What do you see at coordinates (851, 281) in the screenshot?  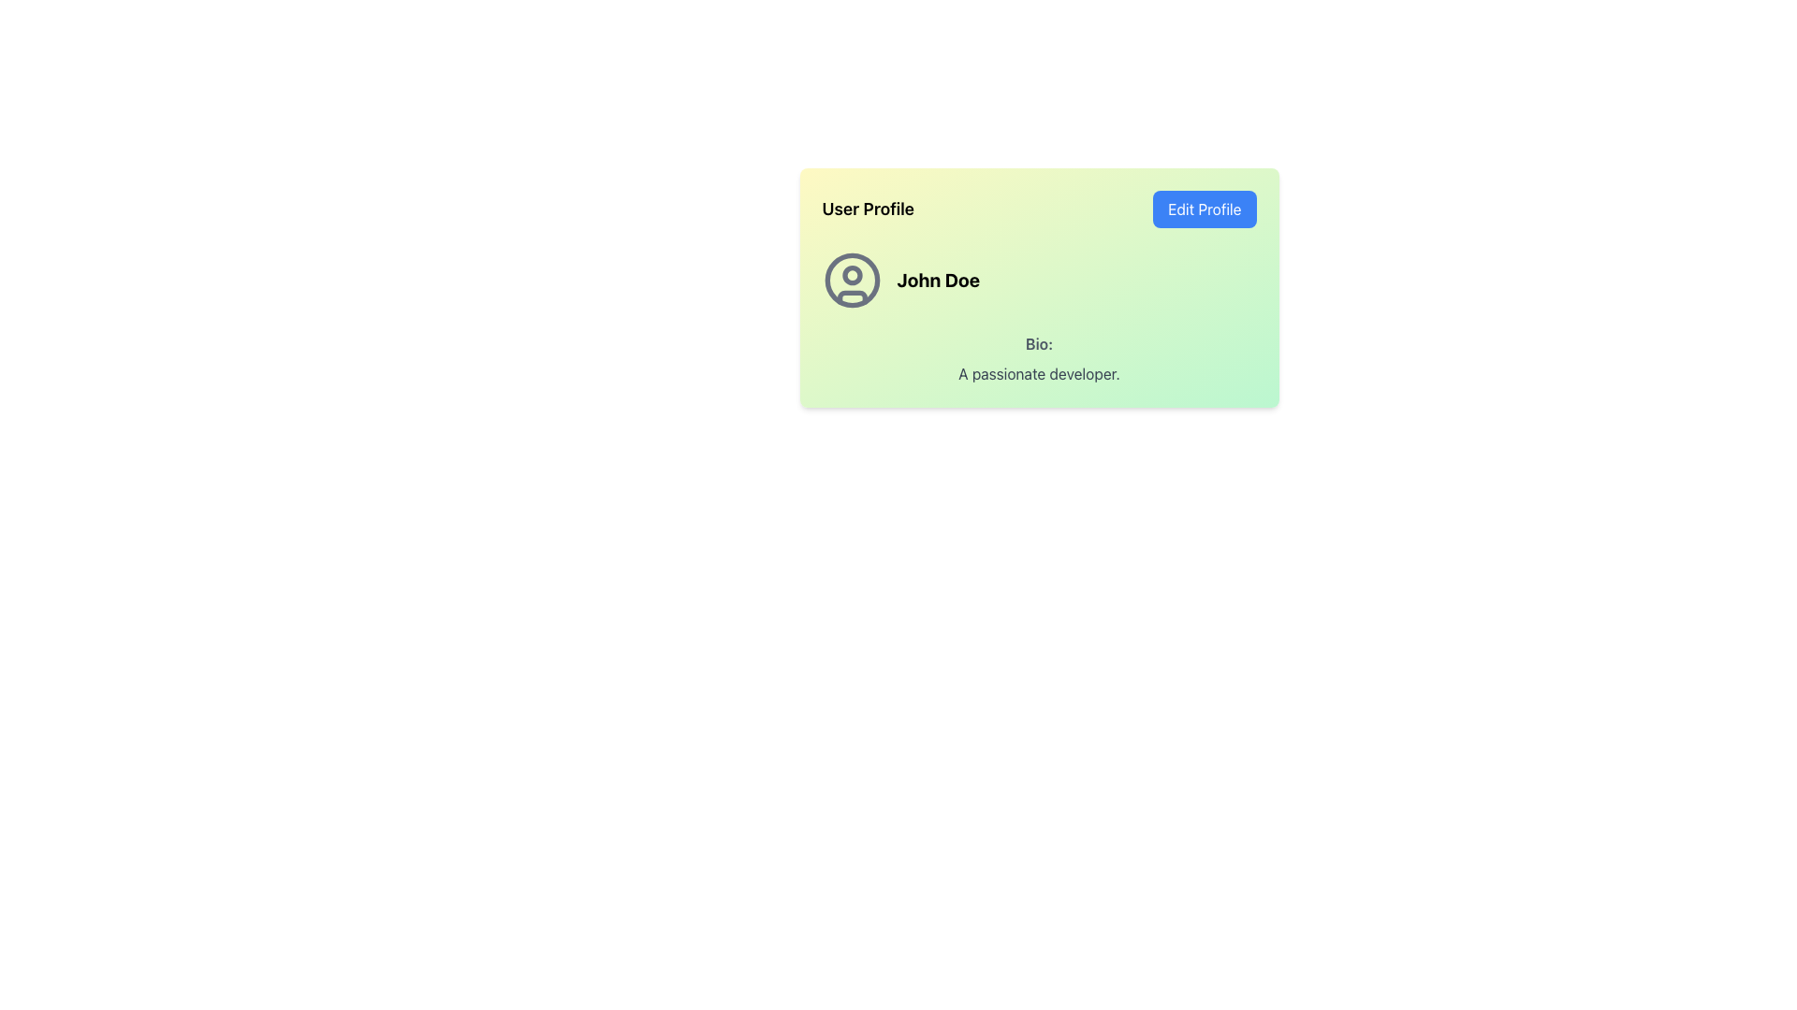 I see `the circular SVG shape within the user profile icon, located to the left of the name 'John Doe' on the user profile card` at bounding box center [851, 281].